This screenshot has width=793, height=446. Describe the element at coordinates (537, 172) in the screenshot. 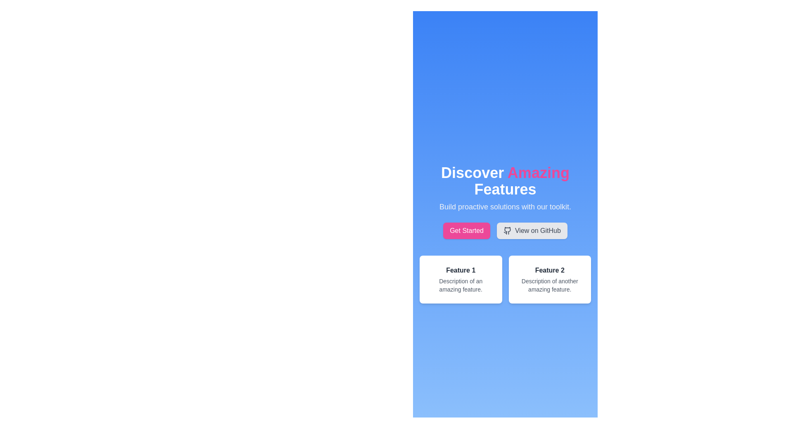

I see `the second word 'Amazing' in the heading 'Discover Amazing Features' located in the upper-middle of the layout` at that location.